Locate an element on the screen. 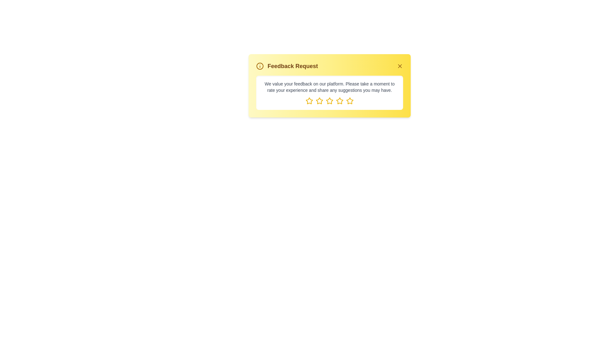 This screenshot has width=608, height=342. the element star_2 to observe its hover effect is located at coordinates (319, 101).